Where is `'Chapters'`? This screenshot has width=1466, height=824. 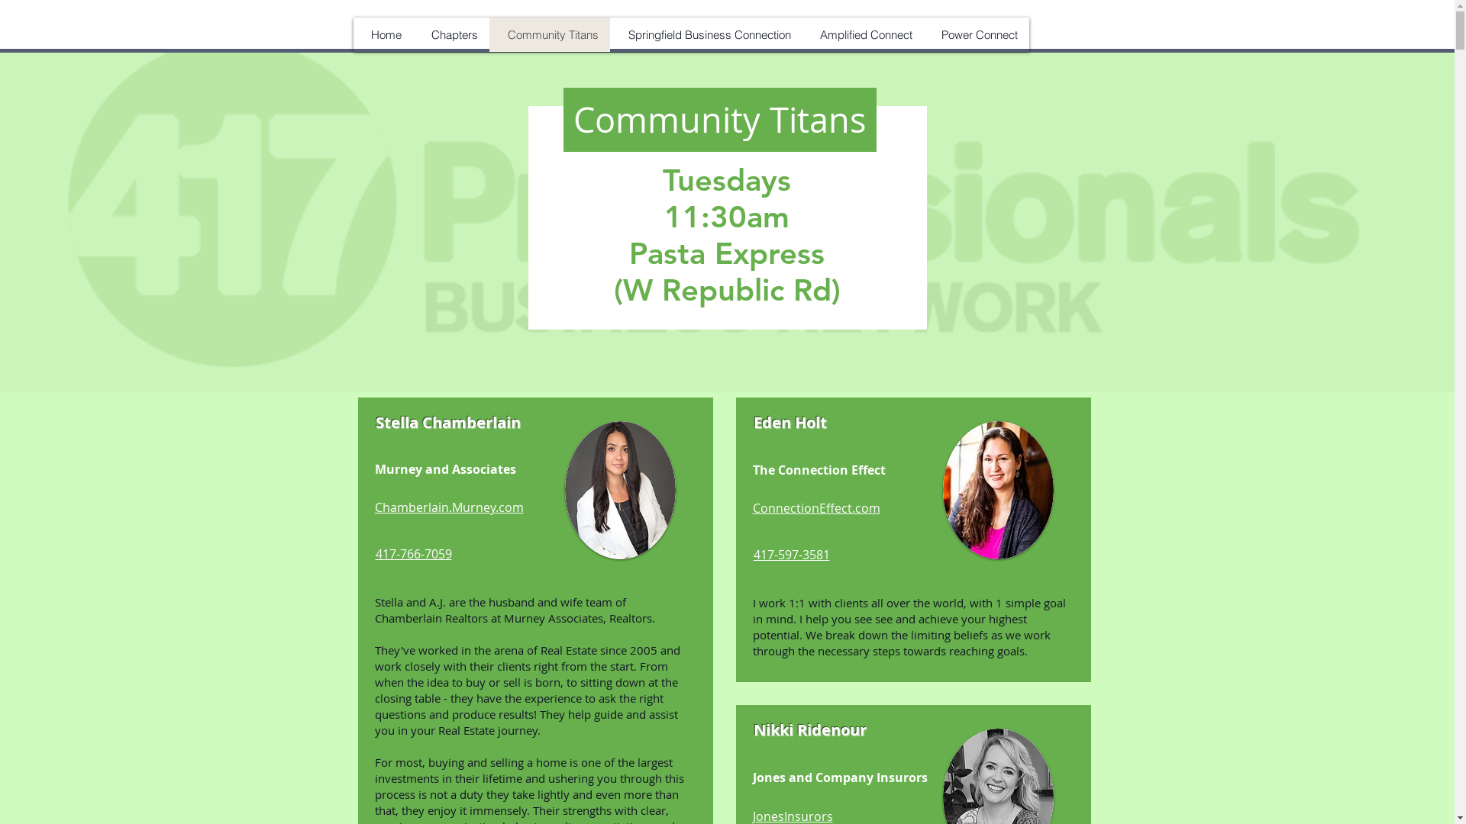
'Chapters' is located at coordinates (450, 34).